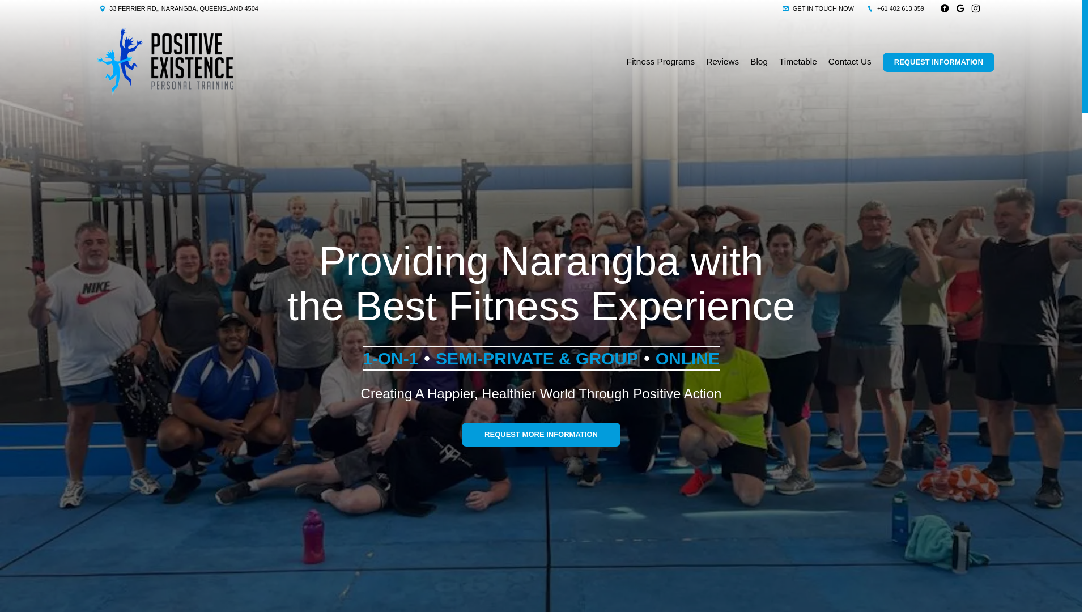 Image resolution: width=1088 pixels, height=612 pixels. What do you see at coordinates (895, 8) in the screenshot?
I see `'+61 402 613 359'` at bounding box center [895, 8].